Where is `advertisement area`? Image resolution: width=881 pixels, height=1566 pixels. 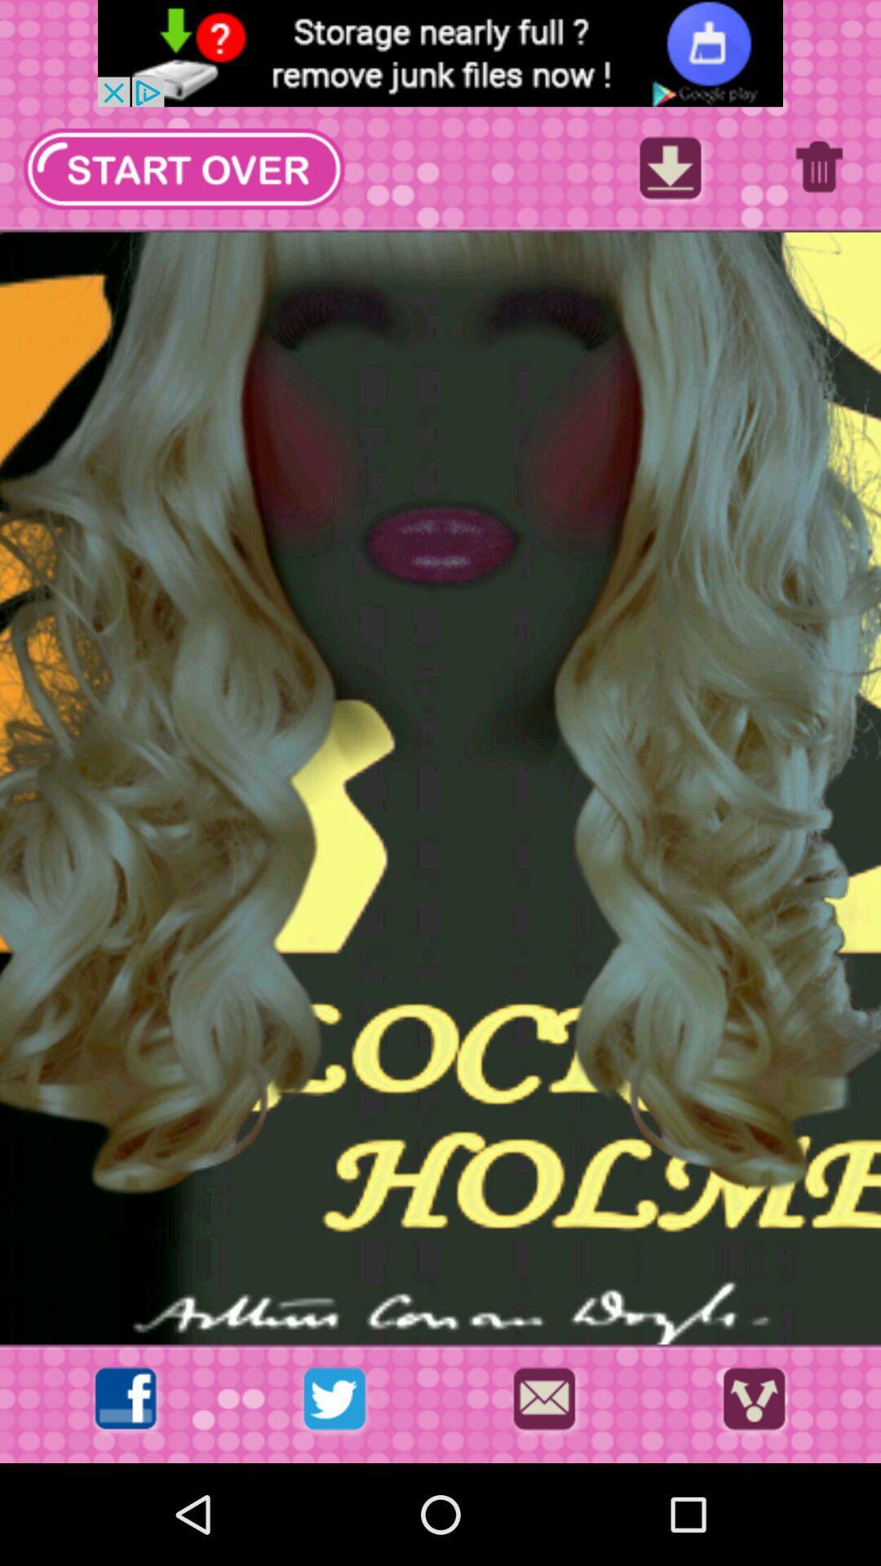 advertisement area is located at coordinates (440, 53).